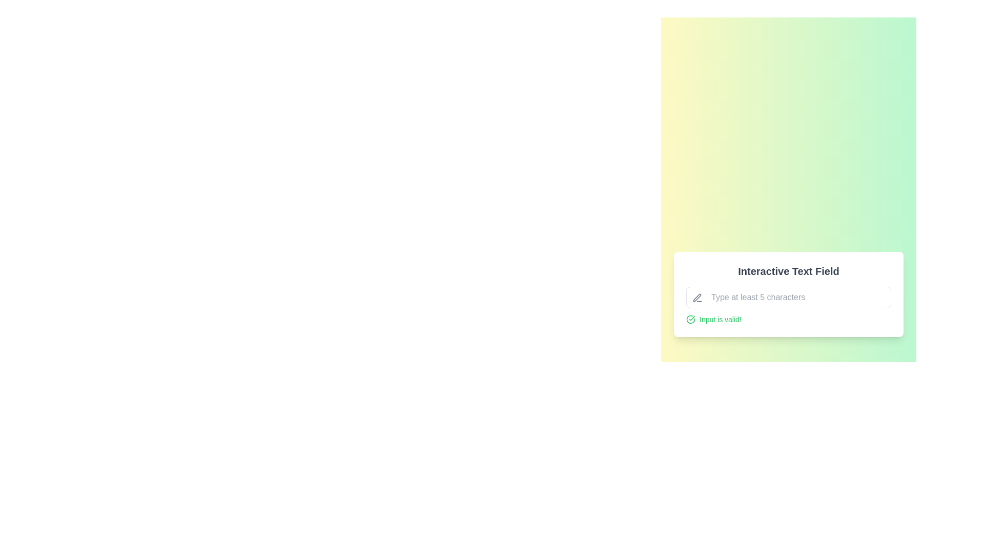 The height and width of the screenshot is (554, 984). I want to click on the Graphics icon (pen), which is a small pen-like icon located in the top-left corner of the validation message box, near the left edge of the text input field labeled 'Type at least 5 characters.', so click(697, 298).